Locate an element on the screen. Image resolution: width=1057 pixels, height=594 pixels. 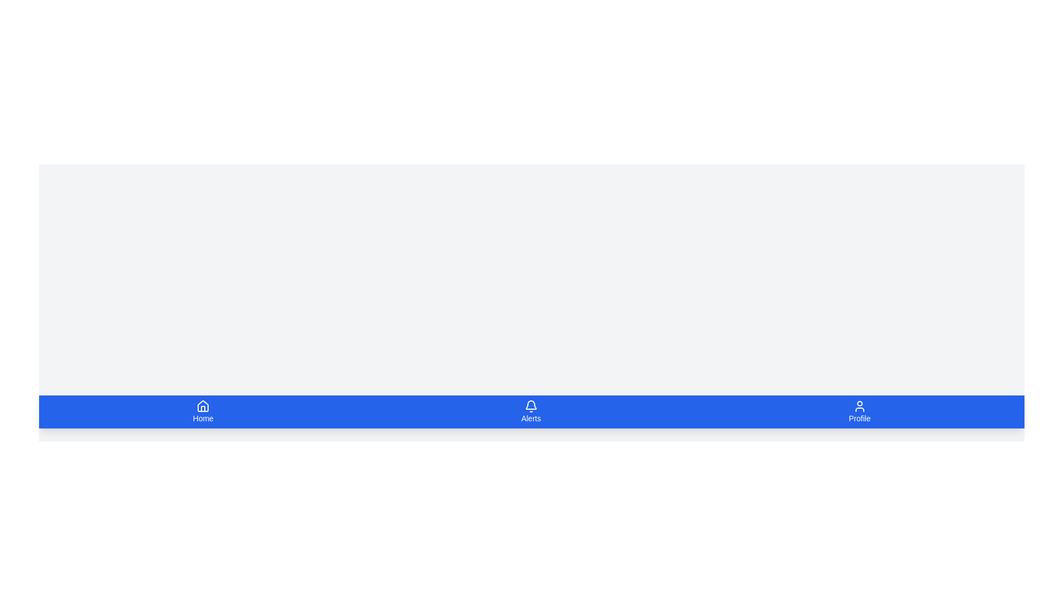
the house icon located within the blue 'Home' button at the bottom left corner of the interface to invoke a context menu is located at coordinates (203, 406).